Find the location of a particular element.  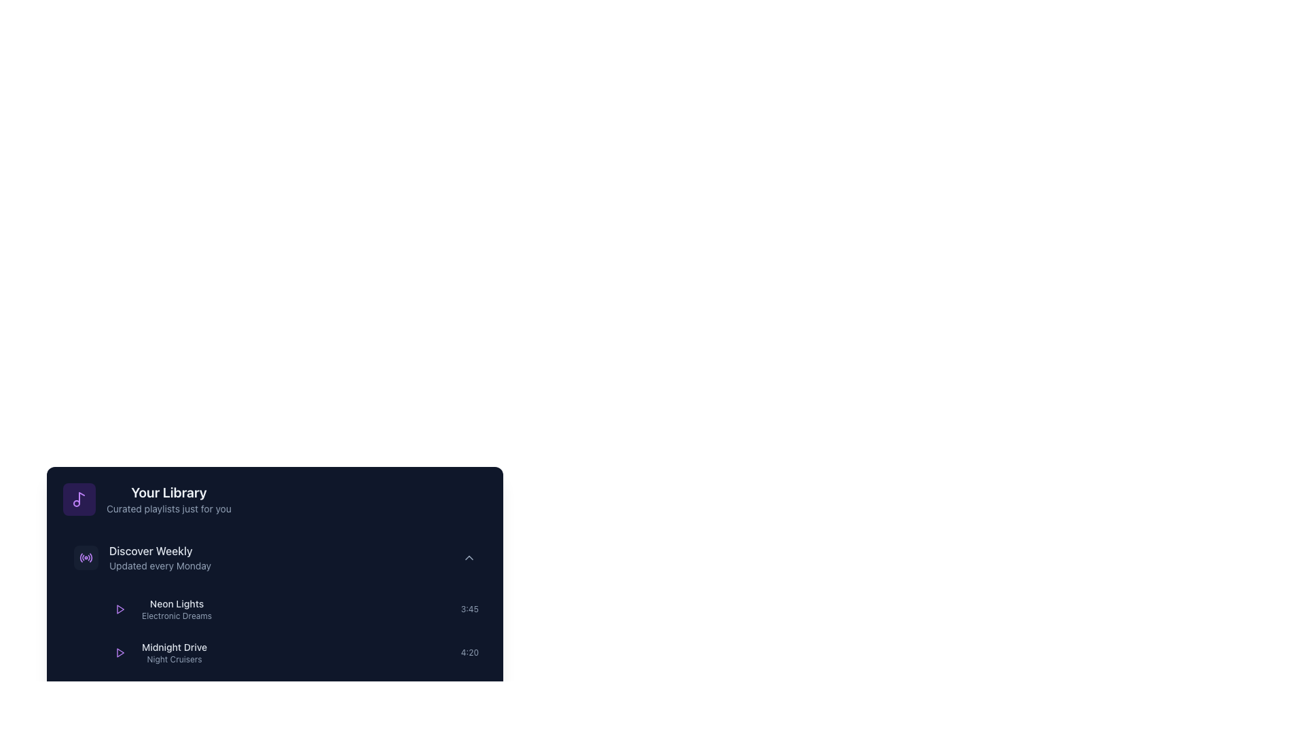

the text label displaying '3:45', which is positioned in the bottom-right section of the interface and serves as supporting detail is located at coordinates (469, 609).